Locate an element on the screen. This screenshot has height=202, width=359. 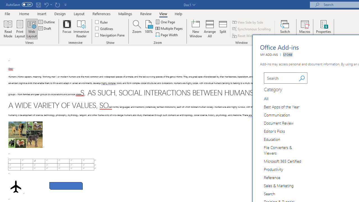
'Focus' is located at coordinates (67, 29).